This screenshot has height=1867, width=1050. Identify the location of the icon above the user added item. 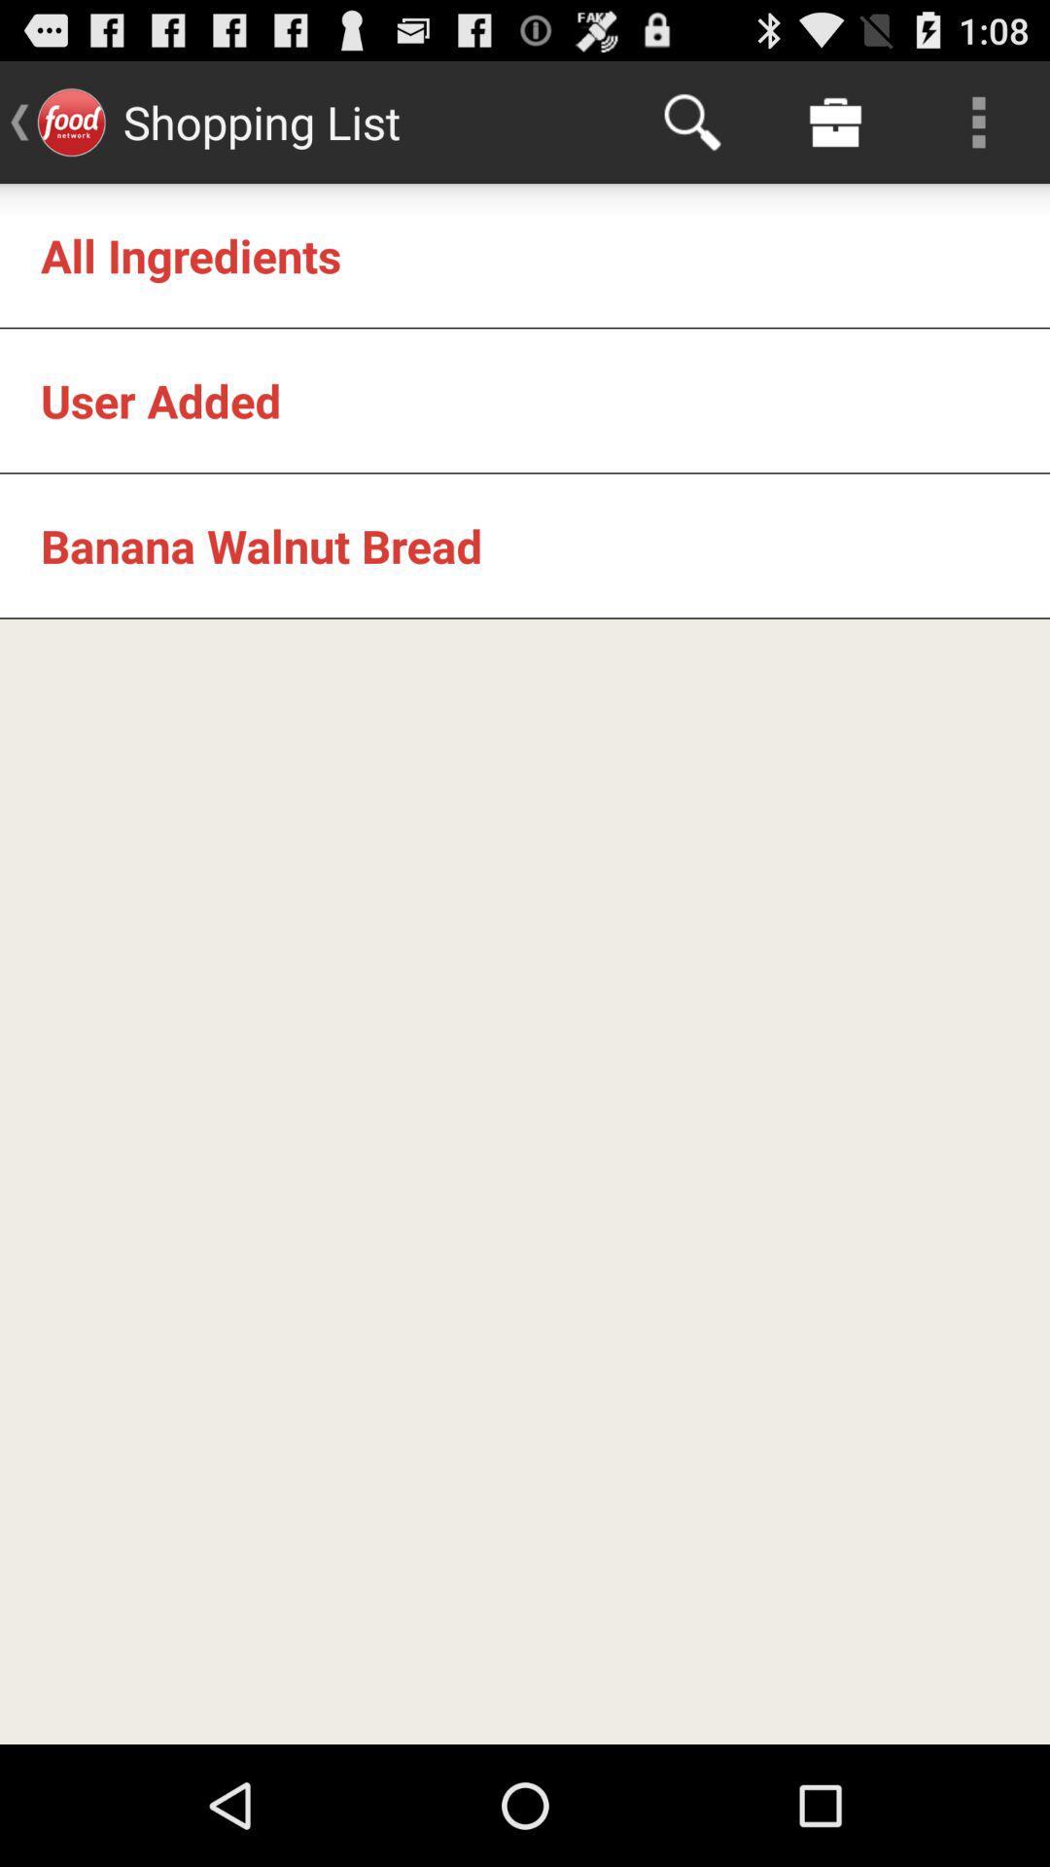
(191, 254).